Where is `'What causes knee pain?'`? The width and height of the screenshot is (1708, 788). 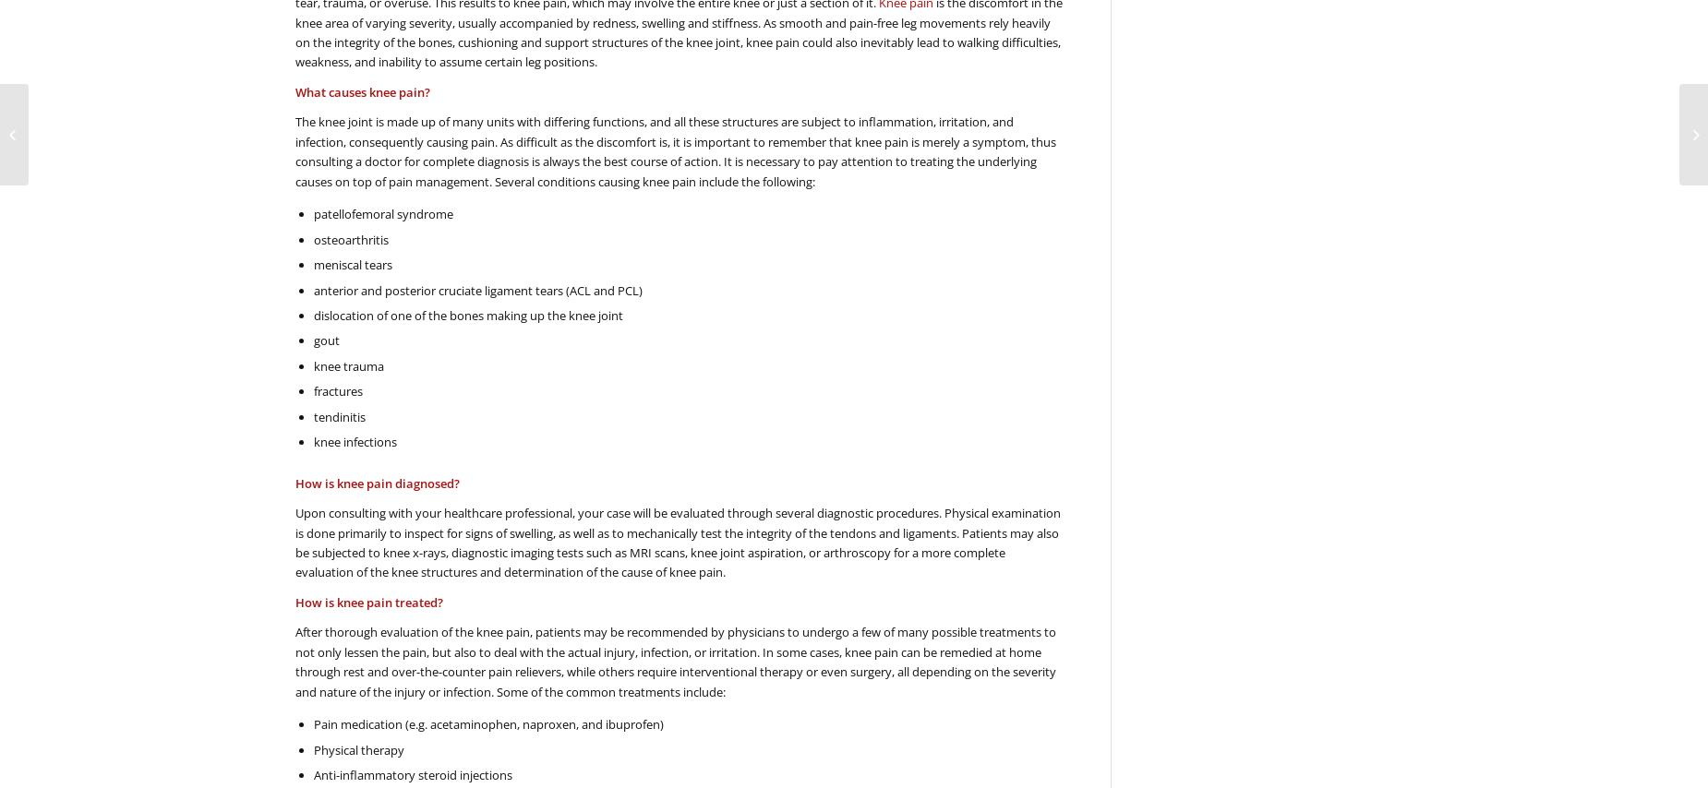
'What causes knee pain?' is located at coordinates (361, 90).